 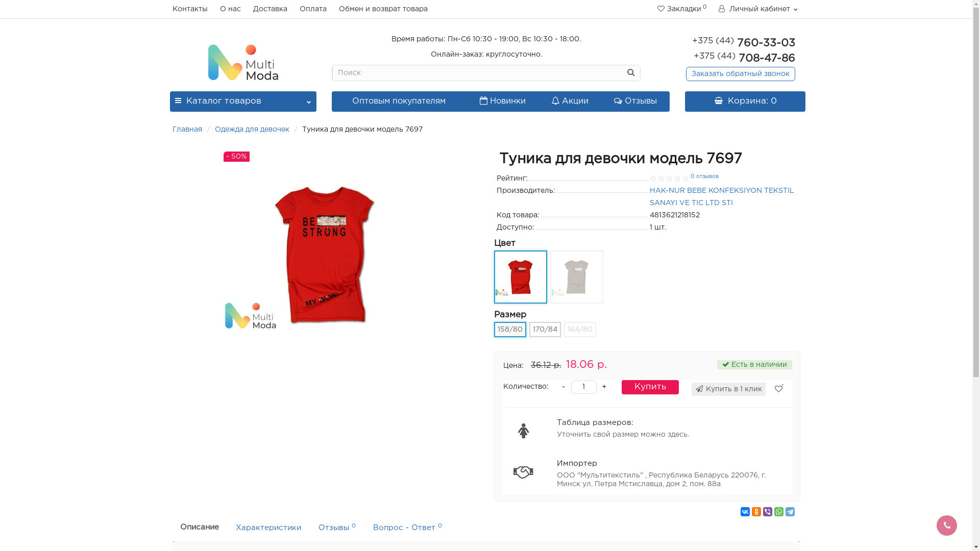 What do you see at coordinates (744, 59) in the screenshot?
I see `'+375 (44) 708-47-86'` at bounding box center [744, 59].